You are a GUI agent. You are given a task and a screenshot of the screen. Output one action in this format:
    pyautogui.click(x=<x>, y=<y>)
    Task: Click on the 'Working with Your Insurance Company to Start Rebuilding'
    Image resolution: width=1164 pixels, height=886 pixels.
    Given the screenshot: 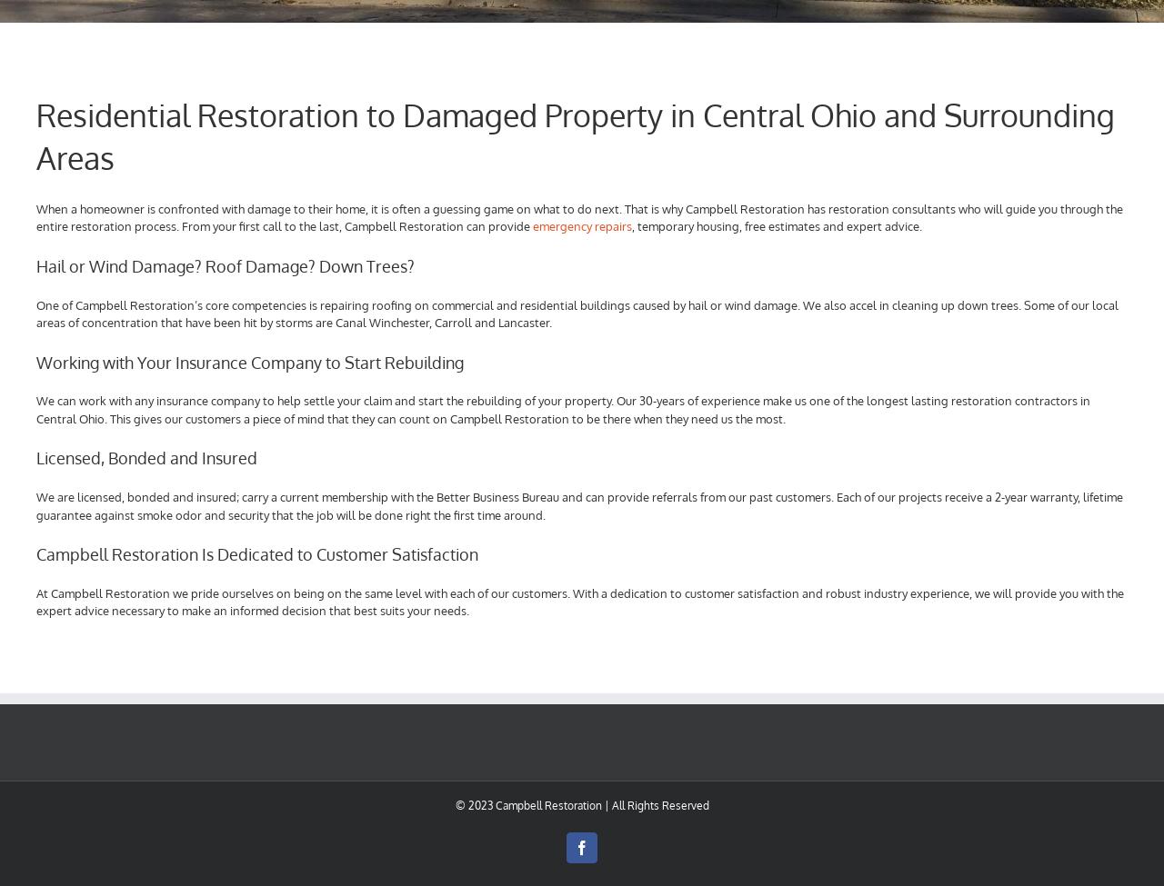 What is the action you would take?
    pyautogui.click(x=35, y=361)
    